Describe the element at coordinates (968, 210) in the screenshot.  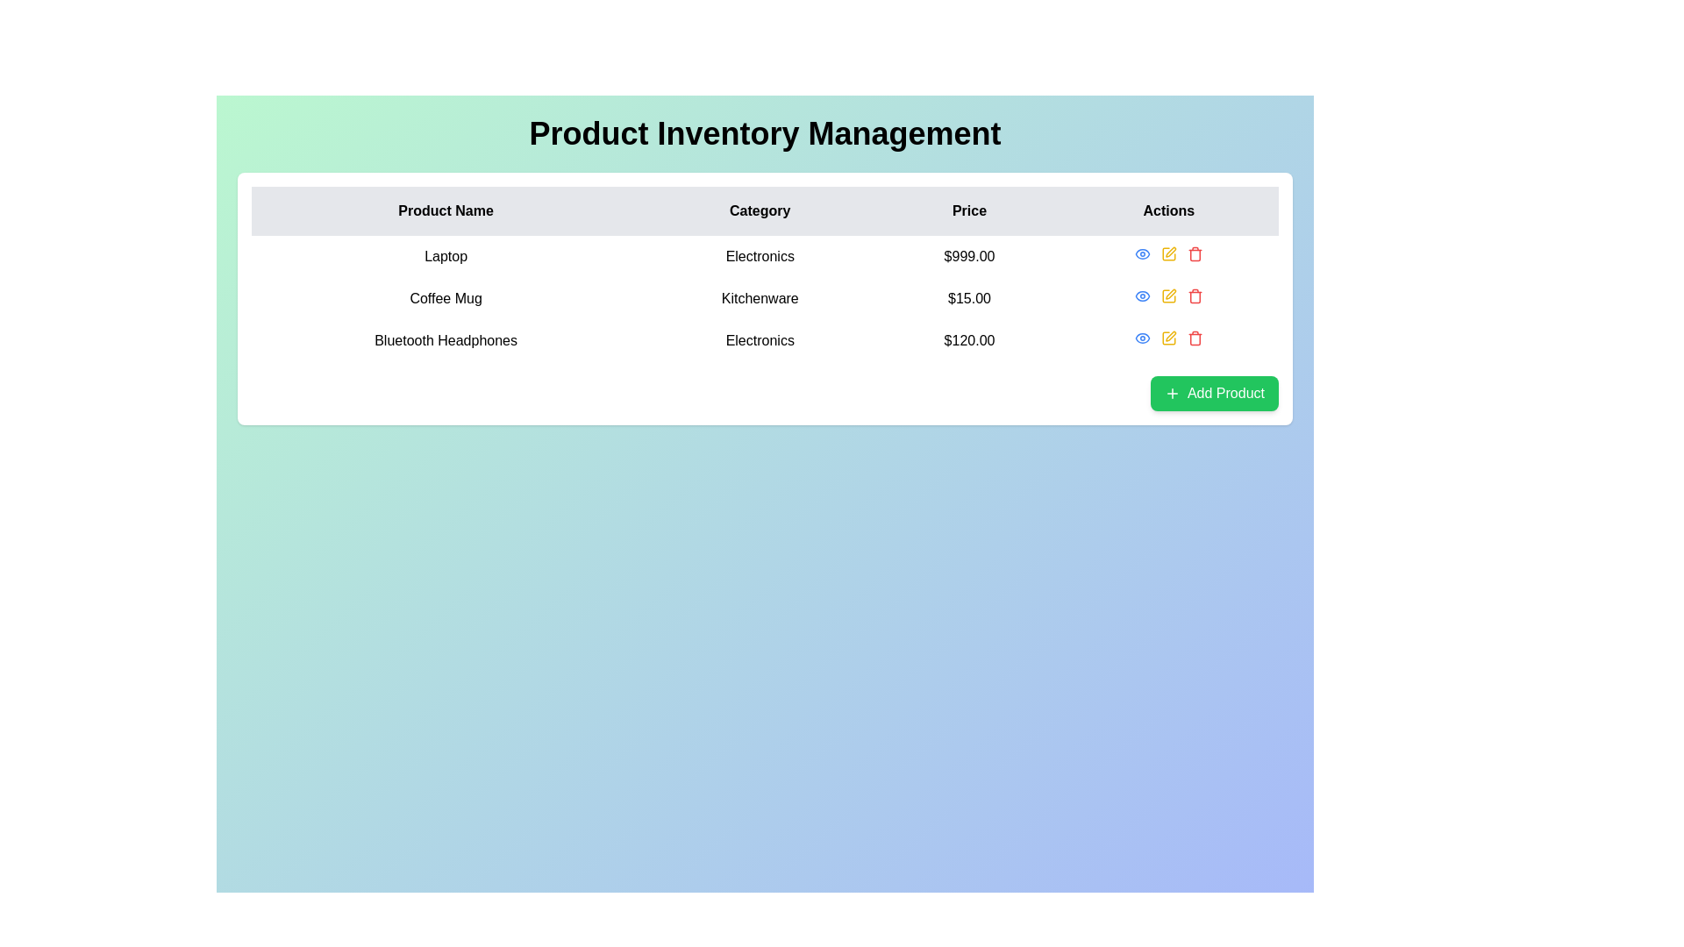
I see `the 'Price' header text label, which categorizes the prices of items in the table, located in the third cell from the left in the header row` at that location.